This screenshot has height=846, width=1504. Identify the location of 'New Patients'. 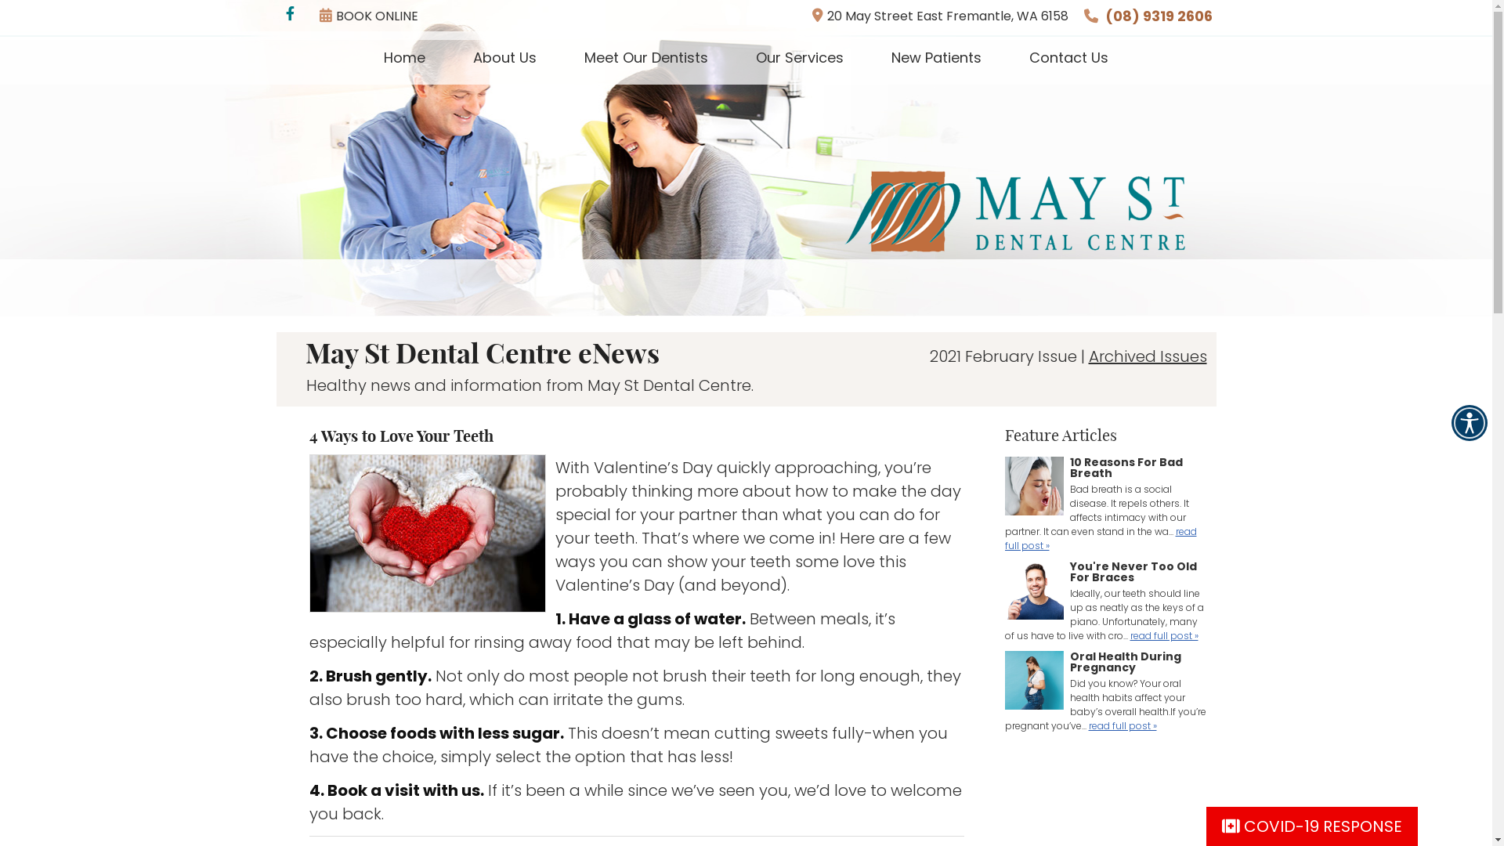
(936, 56).